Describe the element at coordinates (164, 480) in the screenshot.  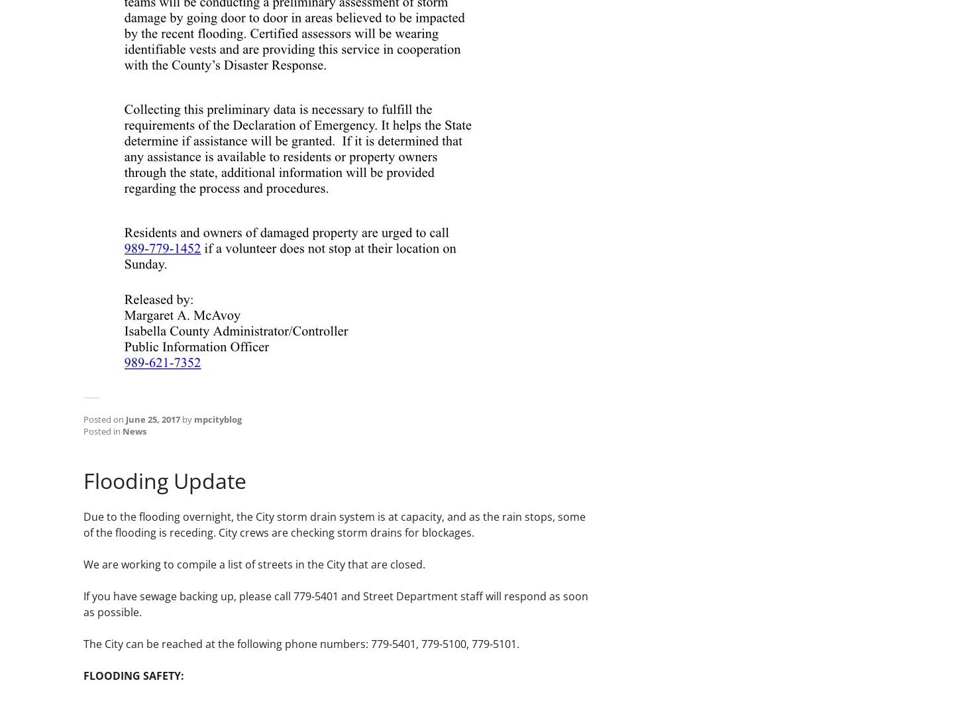
I see `'Flooding Update'` at that location.